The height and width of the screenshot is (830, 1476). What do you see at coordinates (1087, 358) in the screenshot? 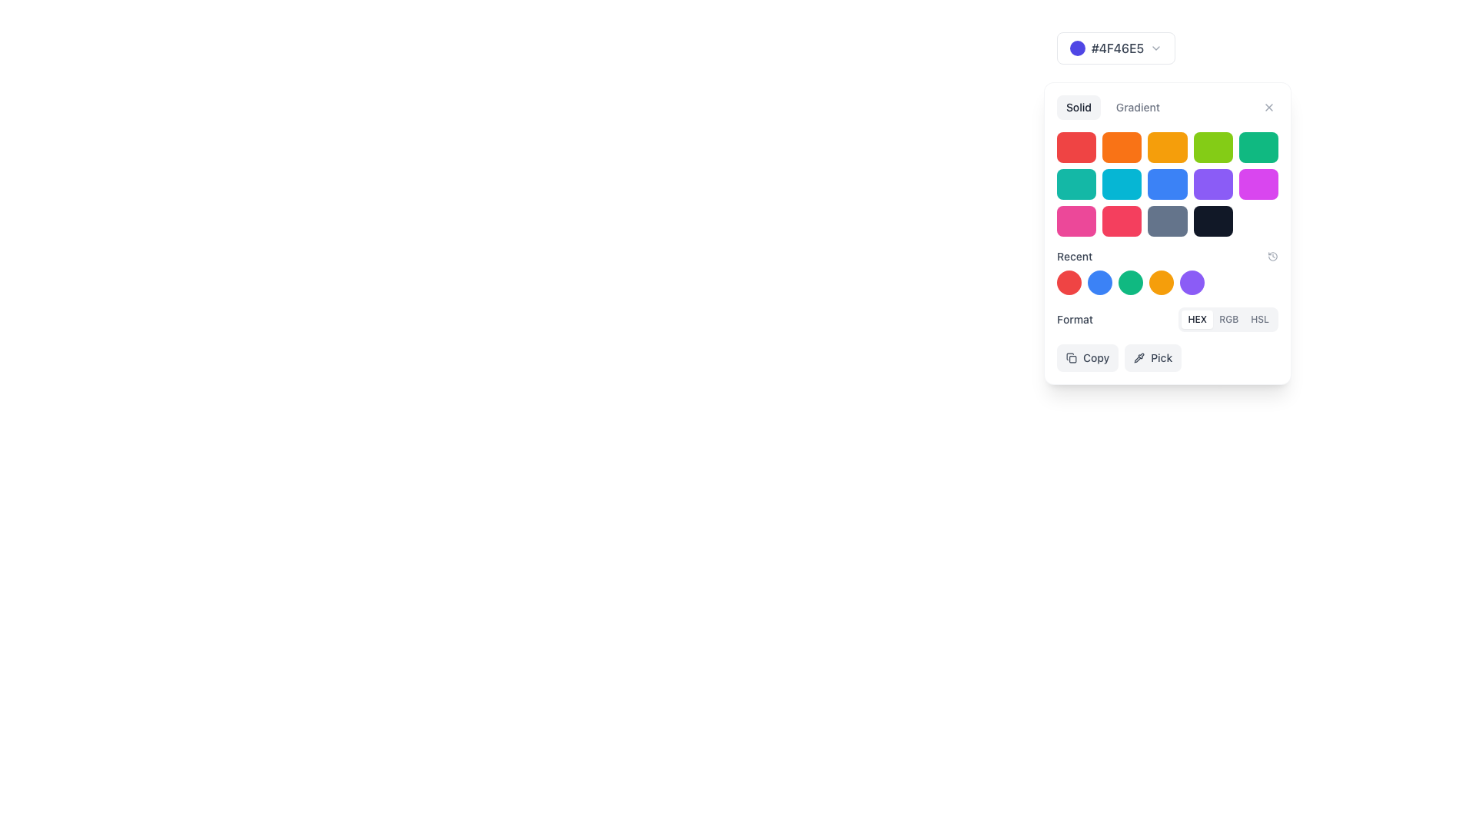
I see `the 'Copy' button located at the bottom-left corner of the color selection palette to see context menu options` at bounding box center [1087, 358].